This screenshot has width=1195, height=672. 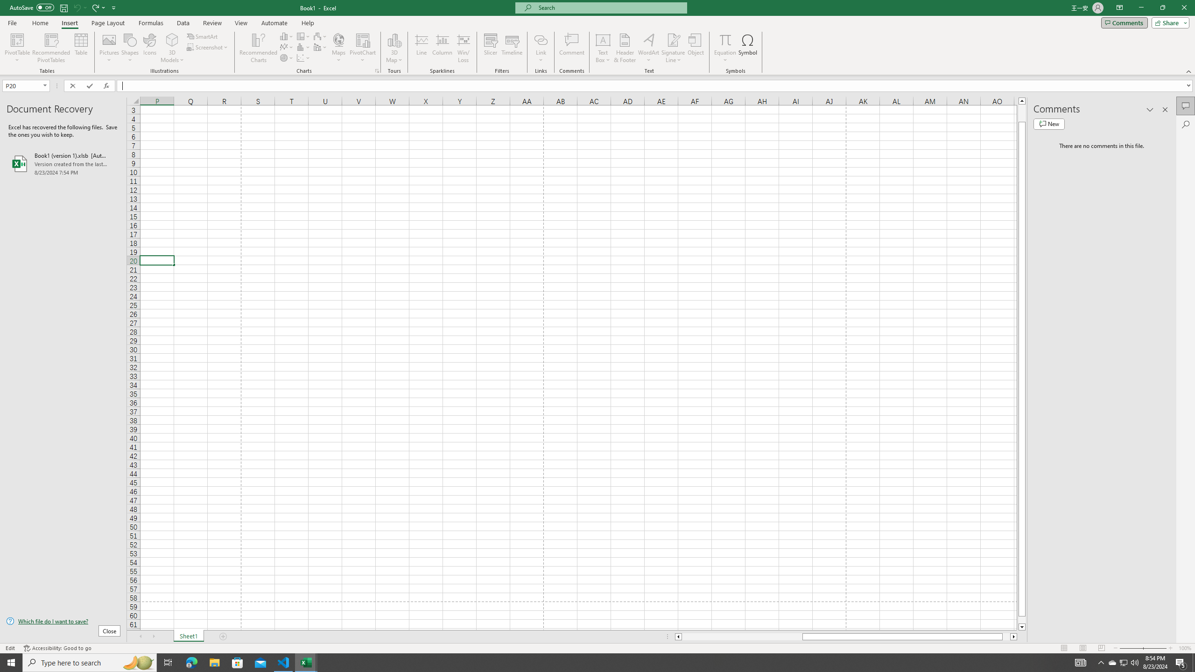 What do you see at coordinates (490, 48) in the screenshot?
I see `'Slicer...'` at bounding box center [490, 48].